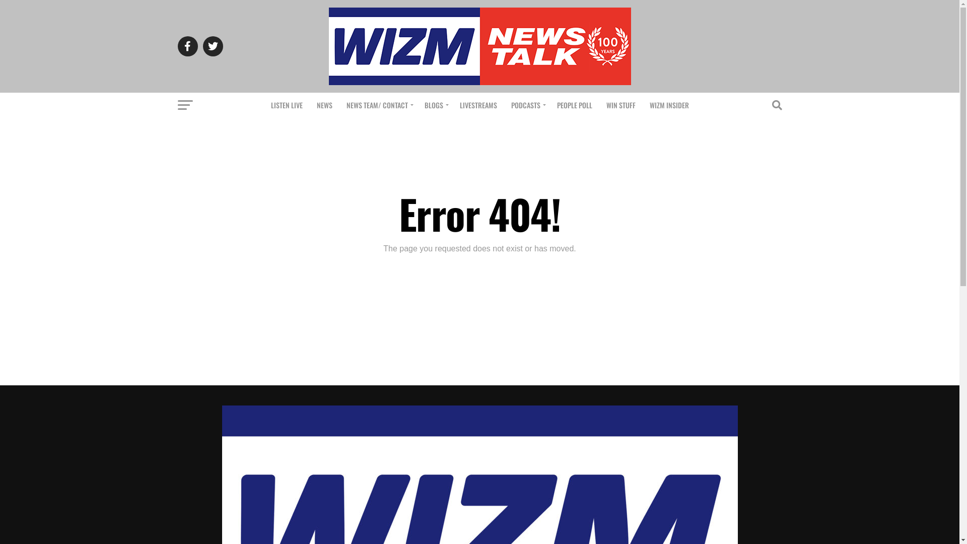  What do you see at coordinates (286, 105) in the screenshot?
I see `'LISTEN LIVE'` at bounding box center [286, 105].